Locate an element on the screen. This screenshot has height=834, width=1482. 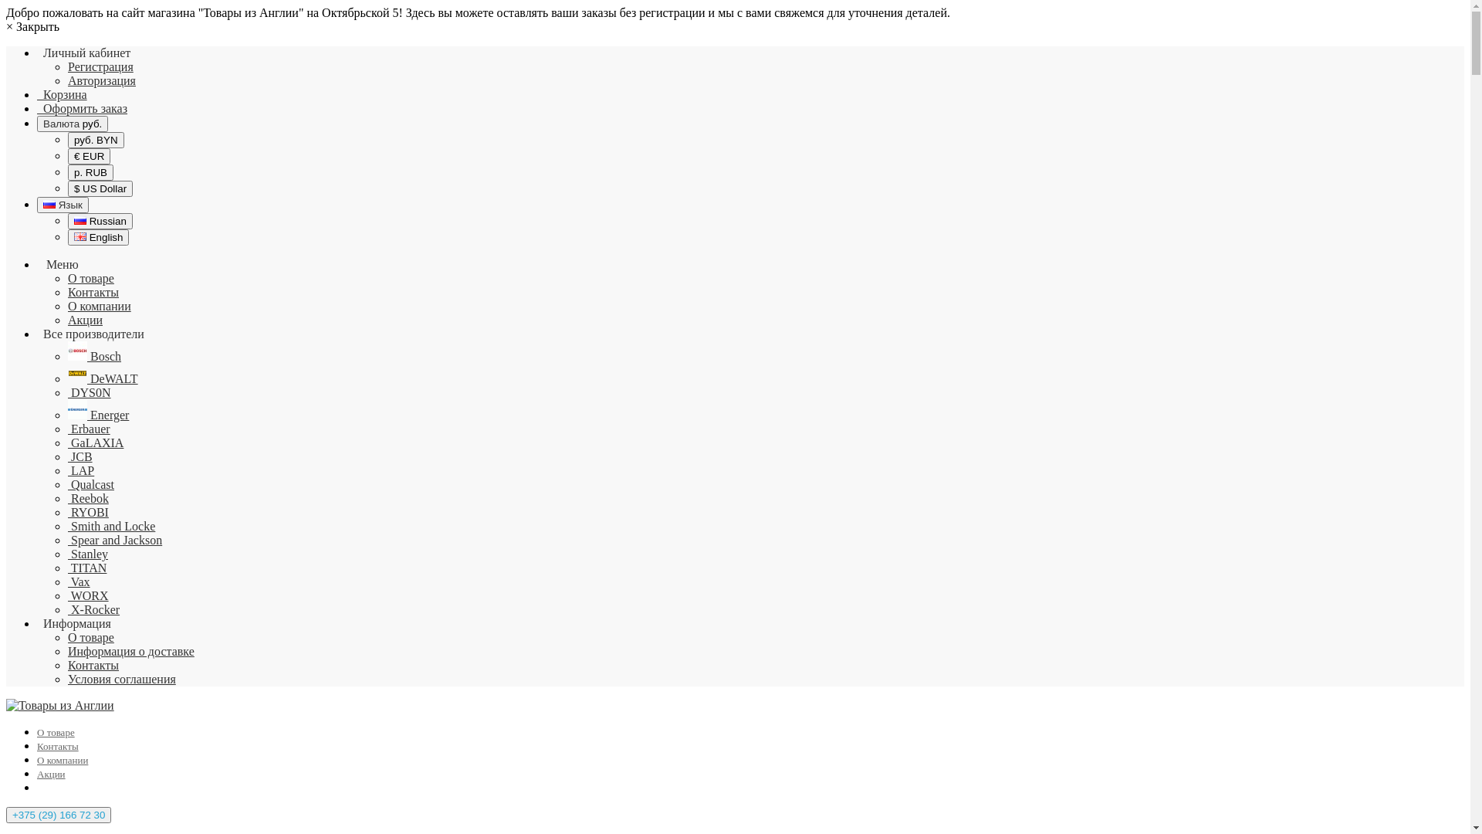
'English' is located at coordinates (80, 236).